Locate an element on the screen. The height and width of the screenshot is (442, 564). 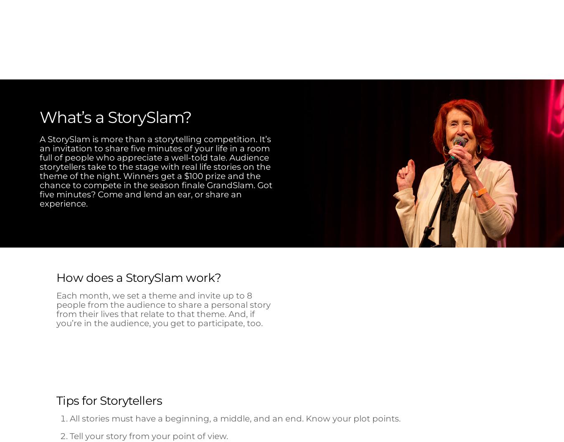
'Length –' is located at coordinates (307, 268).